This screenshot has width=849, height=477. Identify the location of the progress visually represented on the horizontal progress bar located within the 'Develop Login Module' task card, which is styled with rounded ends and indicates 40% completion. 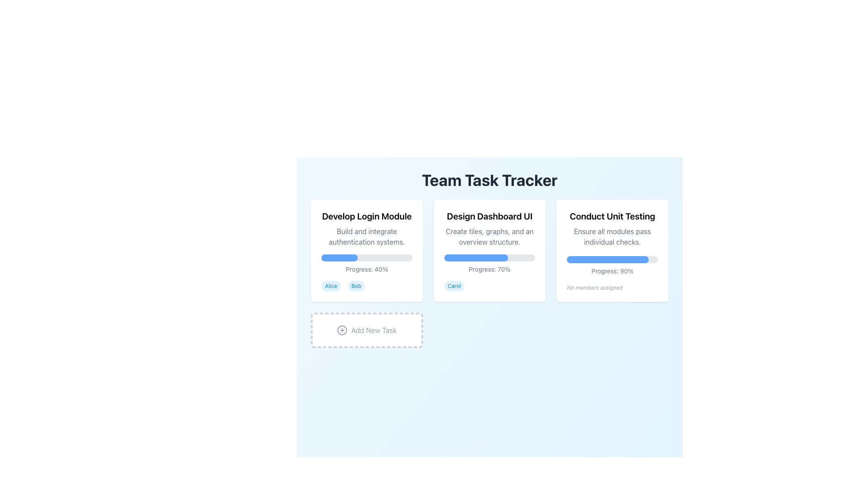
(367, 257).